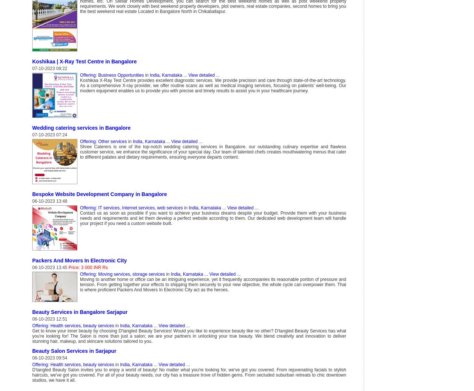  Describe the element at coordinates (99, 194) in the screenshot. I see `'Bespoke Website Development Company in Bangalore'` at that location.